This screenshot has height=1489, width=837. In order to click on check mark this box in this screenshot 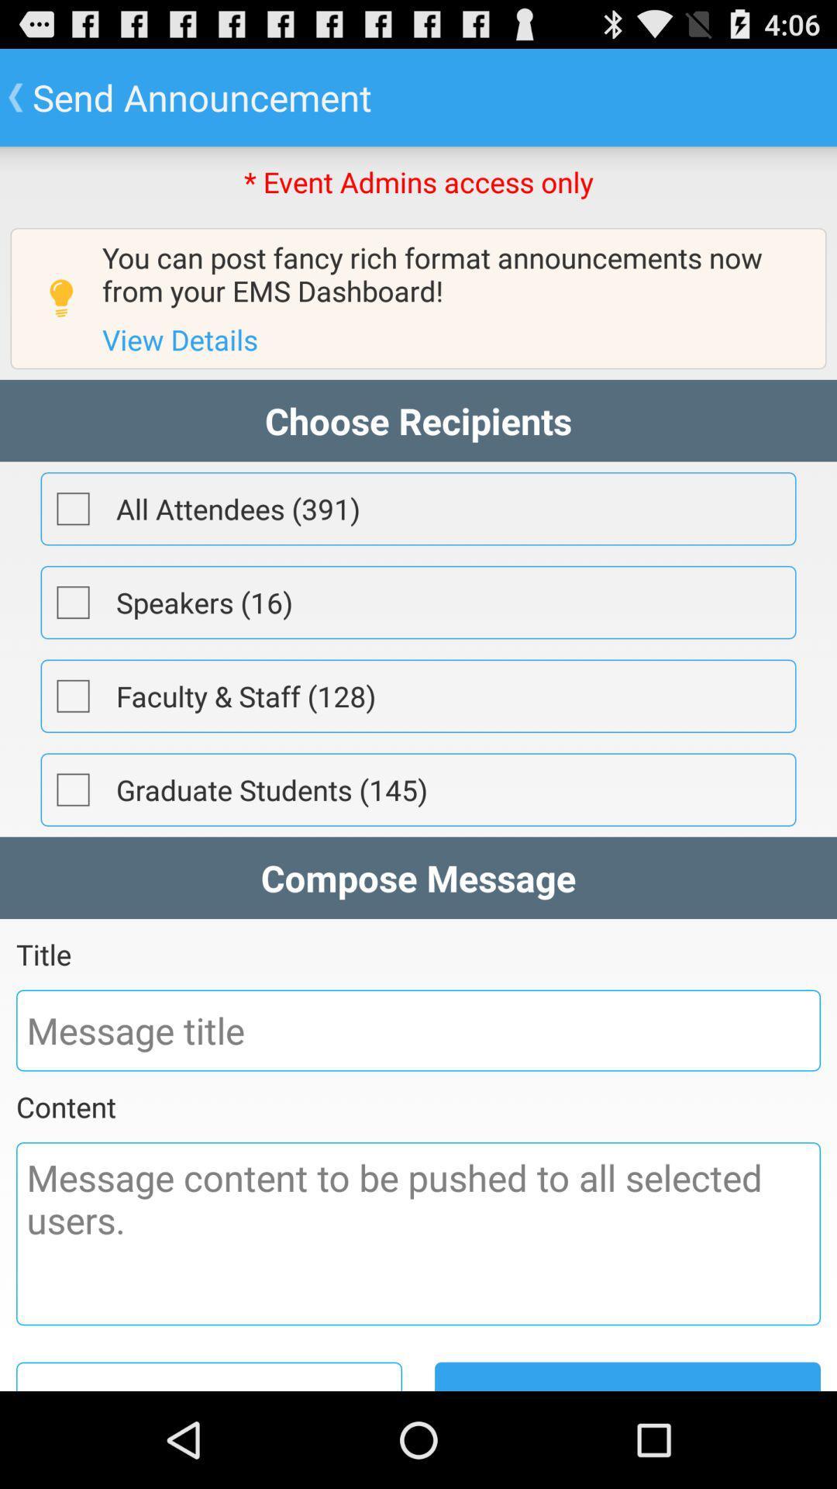, I will do `click(73, 789)`.